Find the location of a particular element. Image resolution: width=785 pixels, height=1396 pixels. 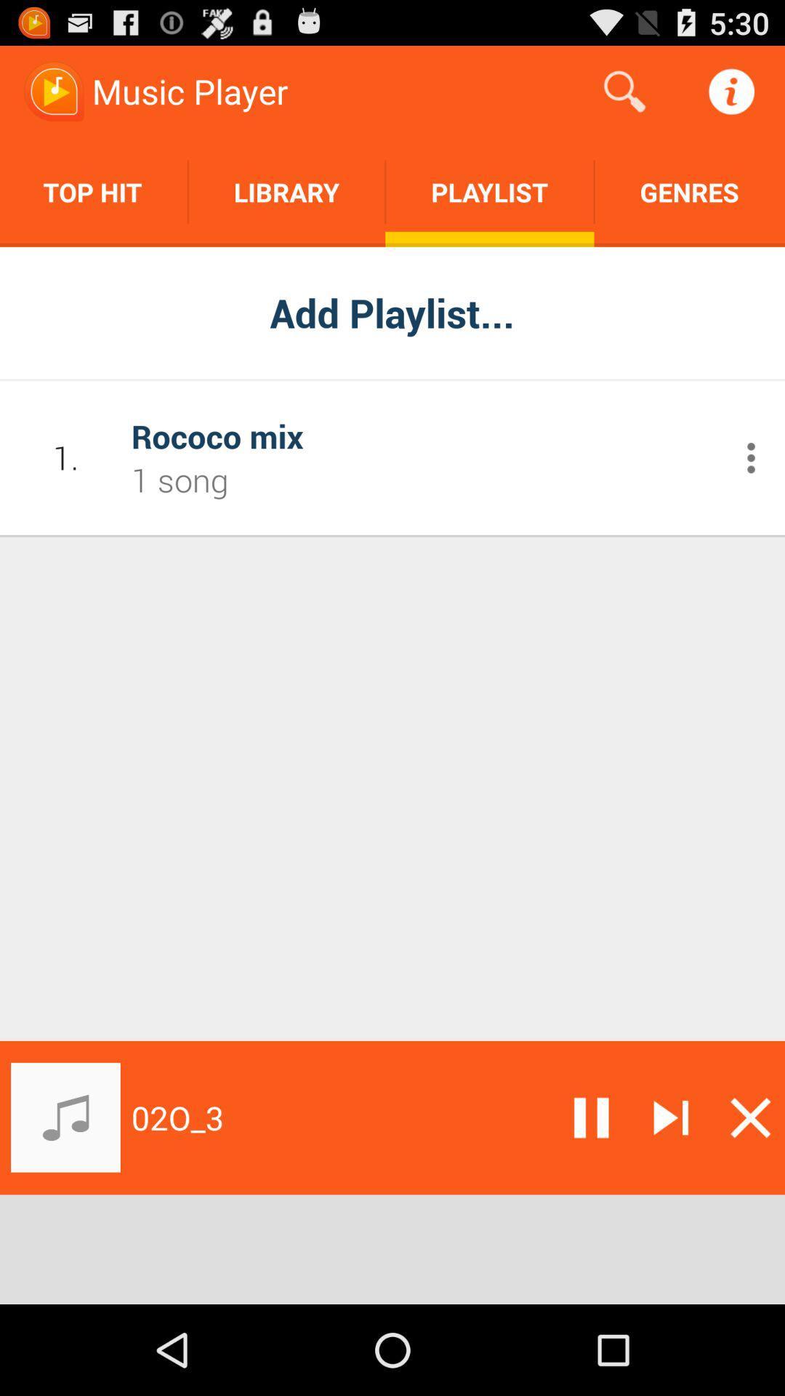

exit is located at coordinates (750, 1117).